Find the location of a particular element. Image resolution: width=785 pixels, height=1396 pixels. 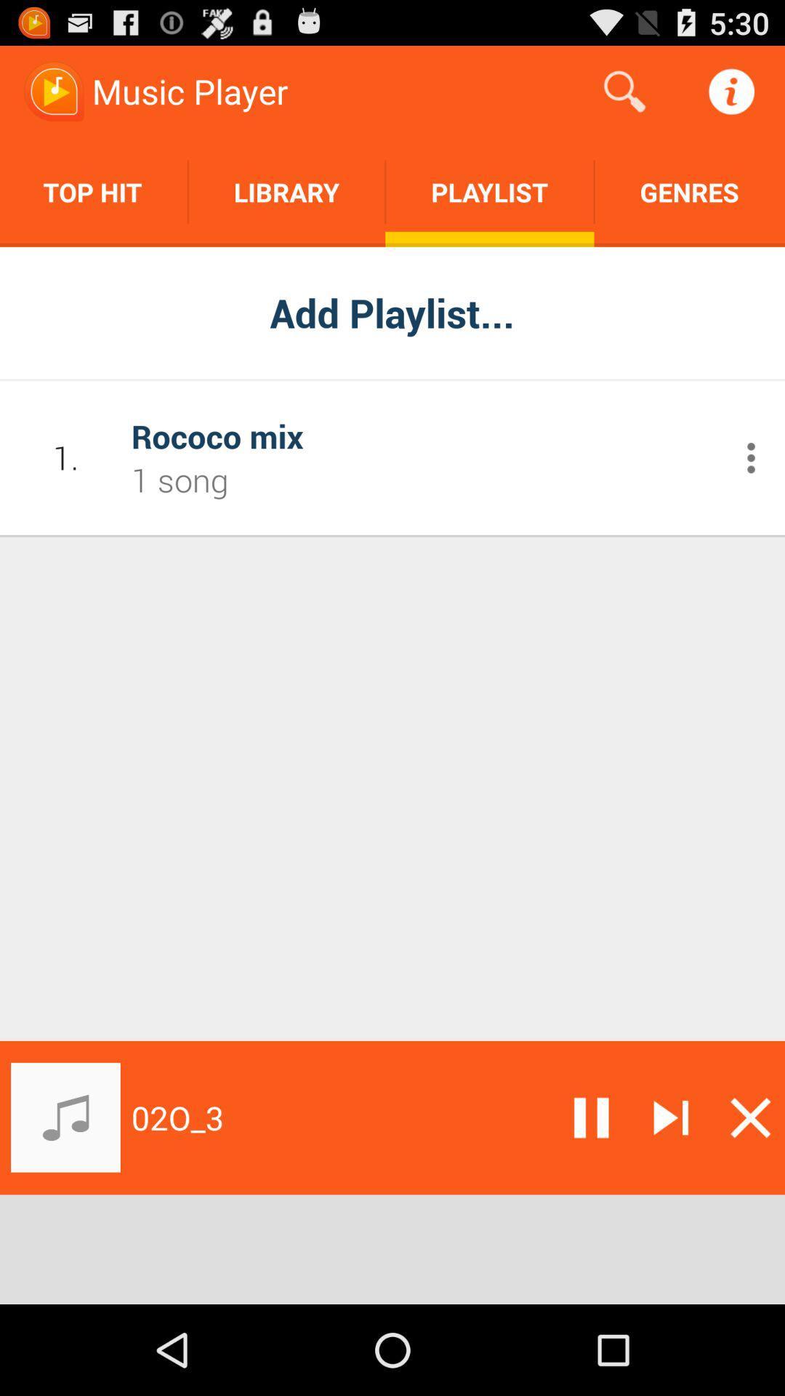

exit is located at coordinates (750, 1117).